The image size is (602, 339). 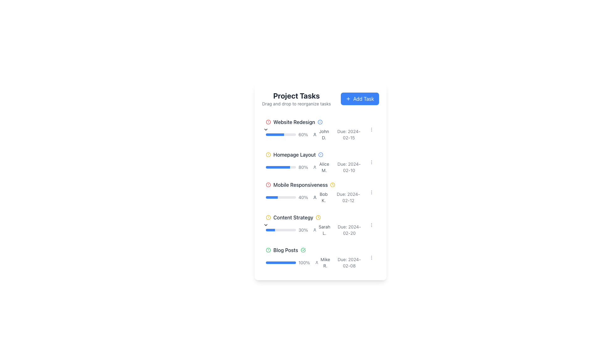 I want to click on the text display that represents the assignee of the task 'Website Redesign', located to the far right of the progress bar and left-aligned to the due date, so click(x=324, y=134).